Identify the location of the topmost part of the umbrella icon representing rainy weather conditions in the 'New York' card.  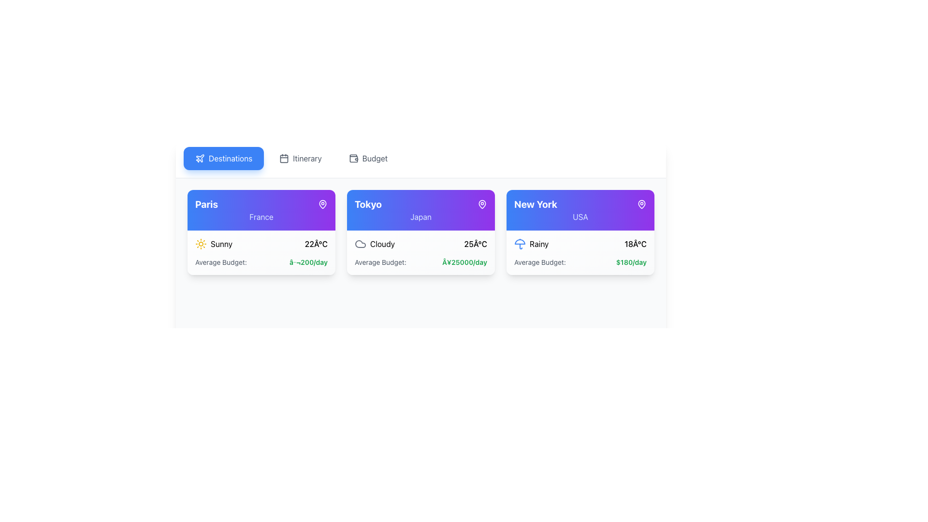
(519, 241).